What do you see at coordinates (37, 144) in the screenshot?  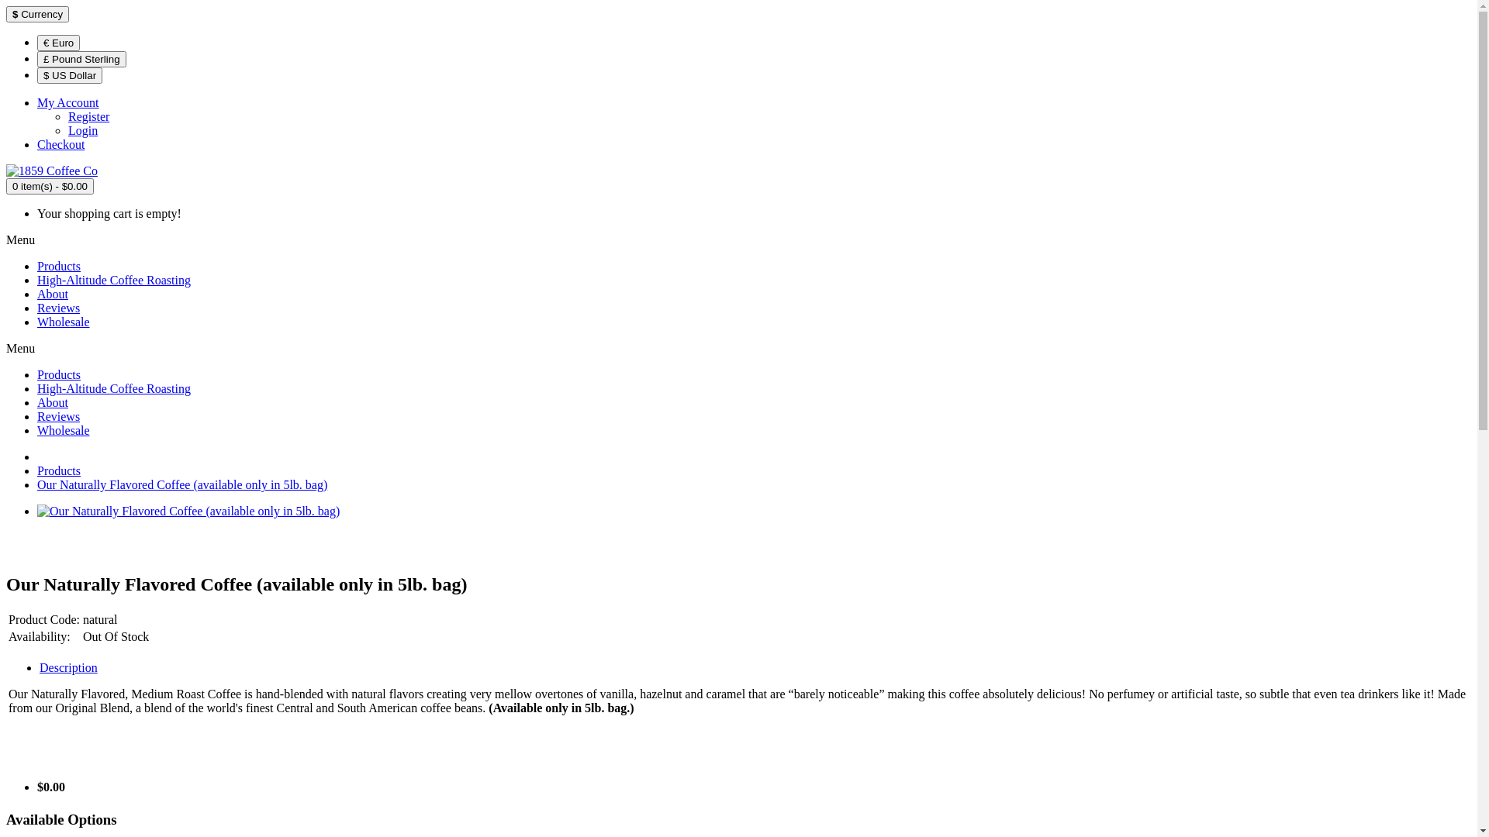 I see `'Checkout'` at bounding box center [37, 144].